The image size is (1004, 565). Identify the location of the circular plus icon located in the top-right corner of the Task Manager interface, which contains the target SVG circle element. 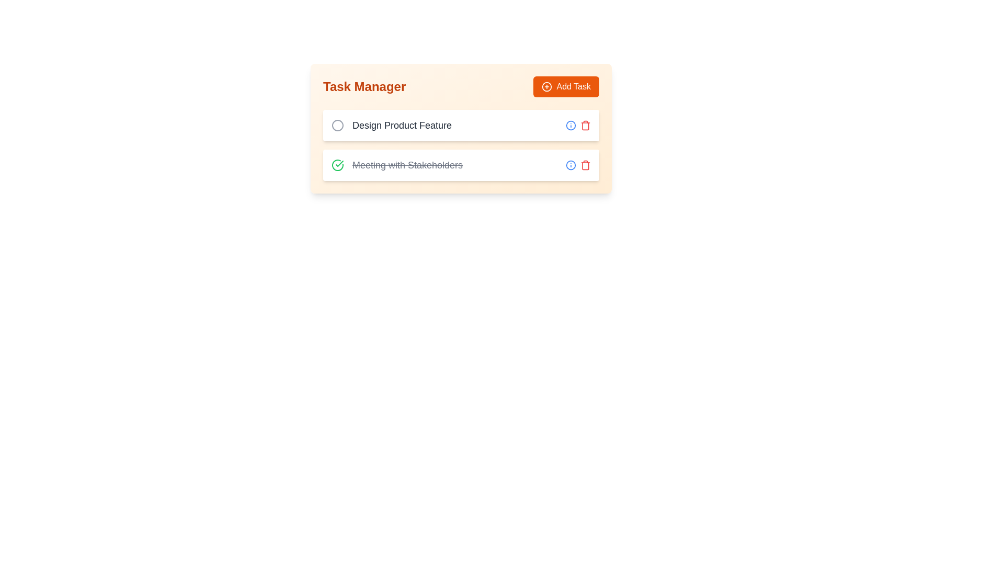
(546, 86).